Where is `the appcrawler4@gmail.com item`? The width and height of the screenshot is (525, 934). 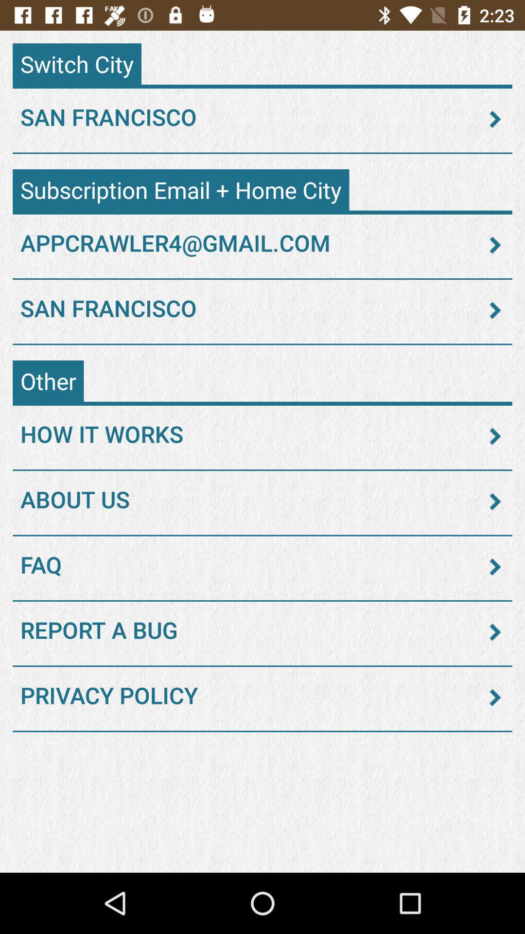
the appcrawler4@gmail.com item is located at coordinates (262, 245).